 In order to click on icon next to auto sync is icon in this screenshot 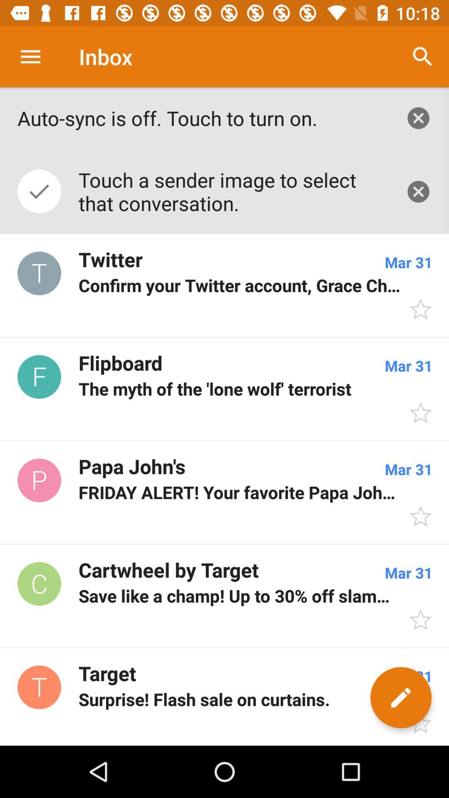, I will do `click(423, 56)`.